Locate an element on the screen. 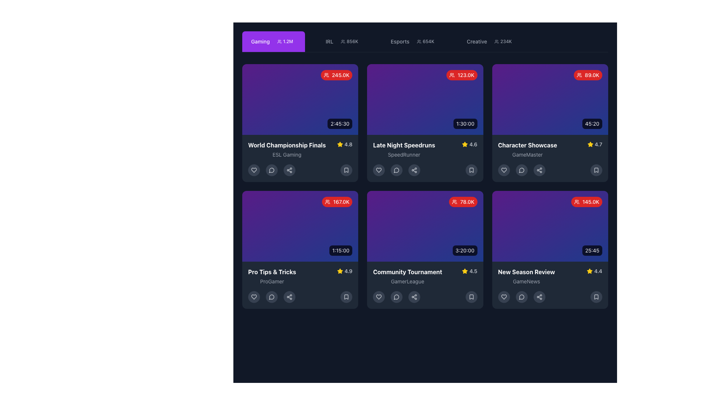 This screenshot has height=398, width=709. the communication icon located in the fourth card of the grid layout, which is near the bottom and aligned with other interactive elements is located at coordinates (521, 170).